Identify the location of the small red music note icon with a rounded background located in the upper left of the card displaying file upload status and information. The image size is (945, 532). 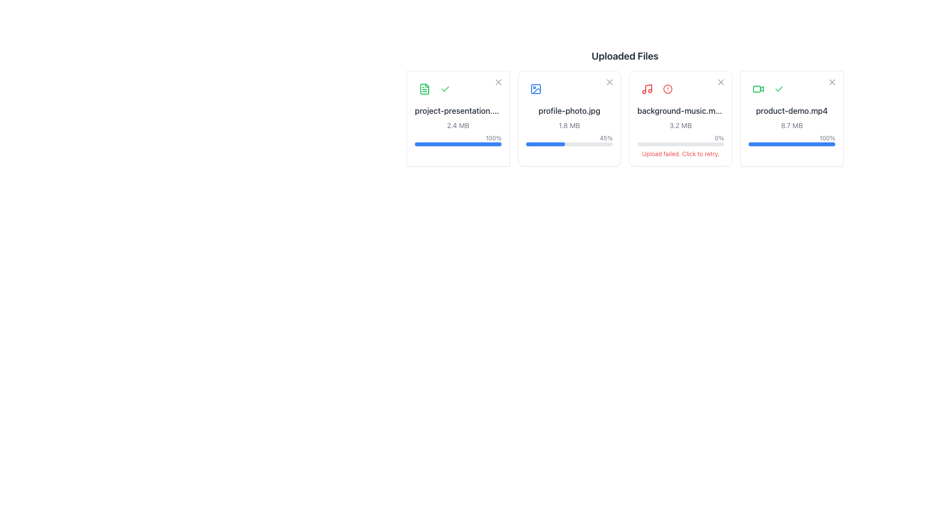
(647, 89).